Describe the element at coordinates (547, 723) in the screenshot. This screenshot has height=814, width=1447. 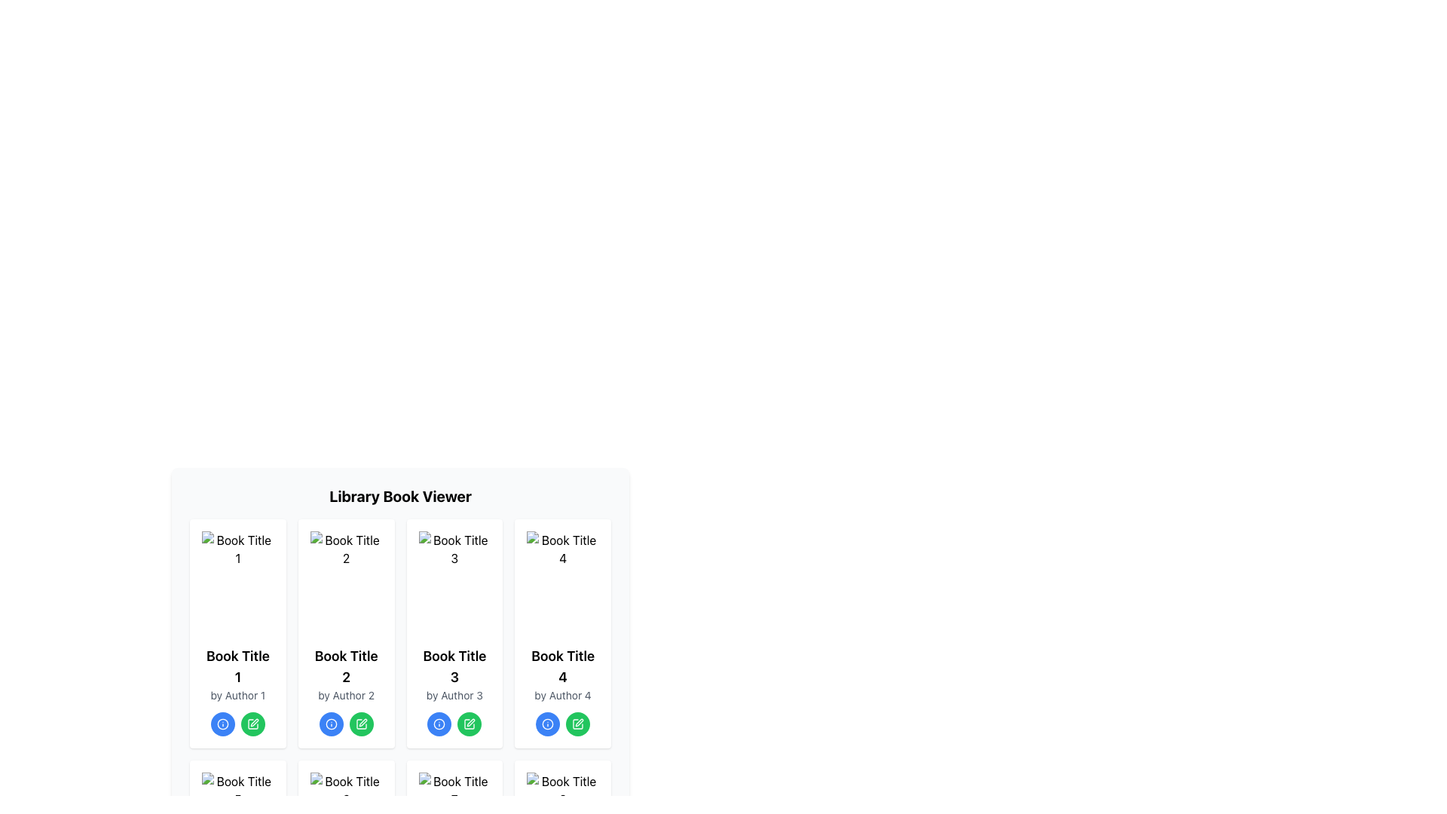
I see `the visual appearance of the SVG Circle, which is a circular icon with a thin stroke and no fill, located inside the info icon of the book card under the 'Book Title 4' section in the fourth column of the book grid` at that location.